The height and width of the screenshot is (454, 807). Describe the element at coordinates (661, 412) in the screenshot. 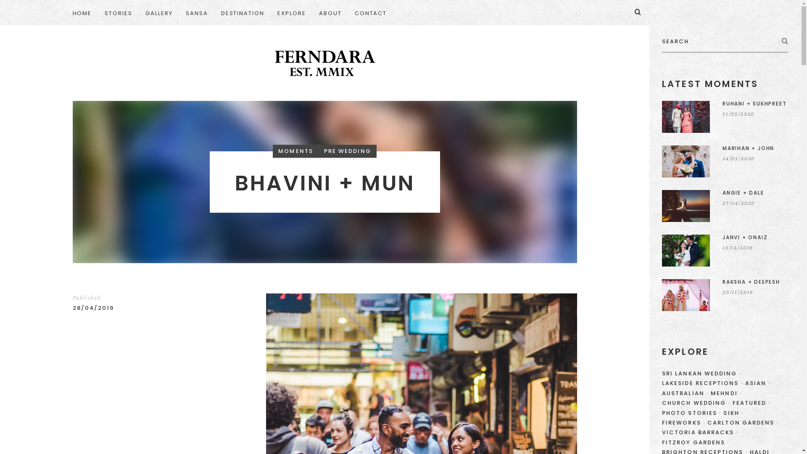

I see `'PHOTO STORIES'` at that location.